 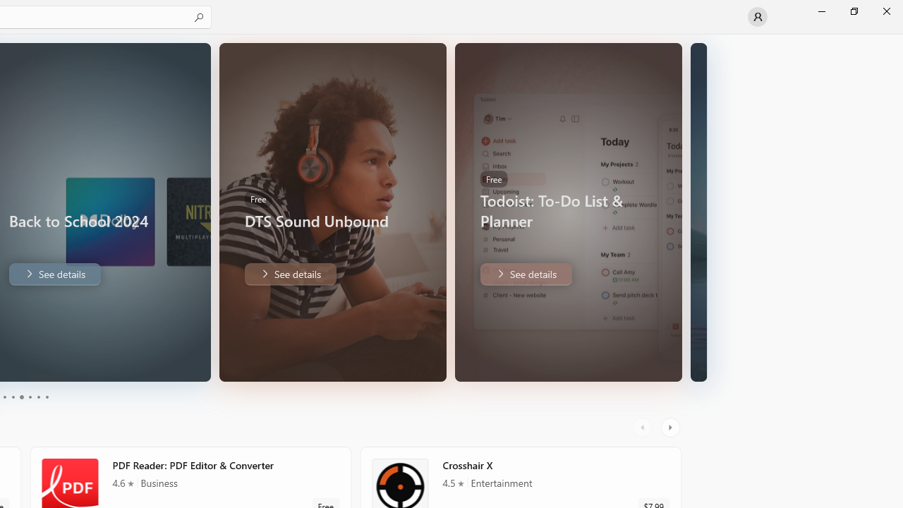 What do you see at coordinates (643, 427) in the screenshot?
I see `'AutomationID: LeftScrollButton'` at bounding box center [643, 427].